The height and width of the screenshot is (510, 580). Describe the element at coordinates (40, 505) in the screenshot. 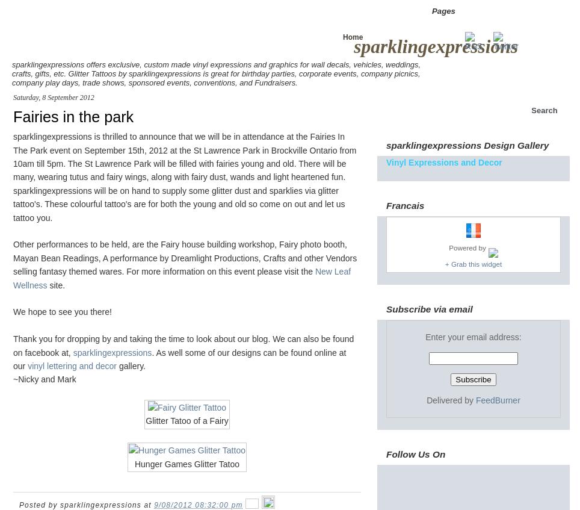

I see `'Posted by'` at that location.